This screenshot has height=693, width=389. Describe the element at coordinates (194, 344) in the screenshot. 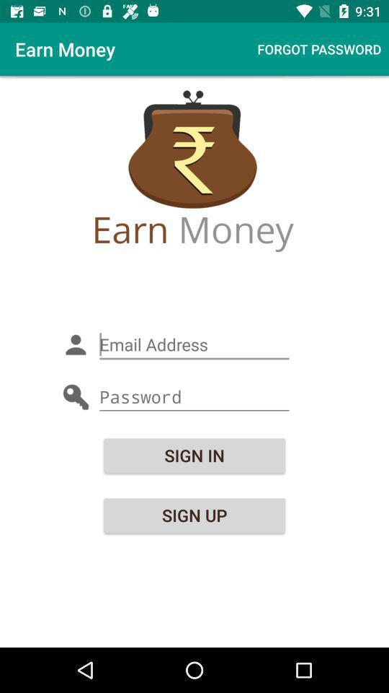

I see `email` at that location.